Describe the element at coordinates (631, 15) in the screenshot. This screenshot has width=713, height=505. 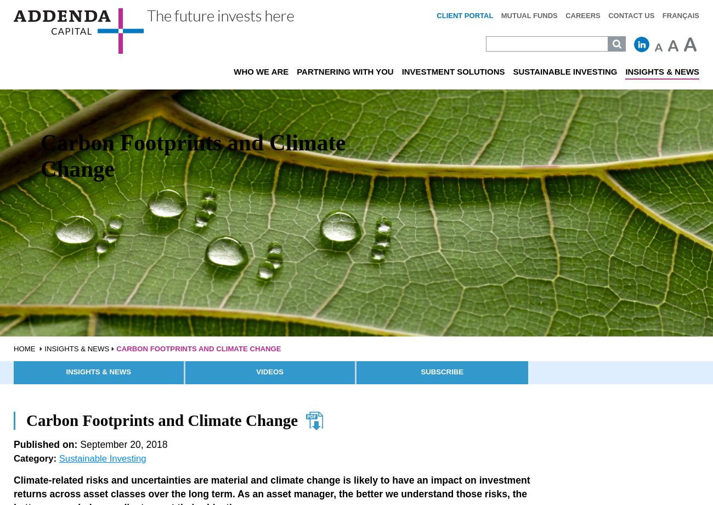
I see `'Contact Us'` at that location.